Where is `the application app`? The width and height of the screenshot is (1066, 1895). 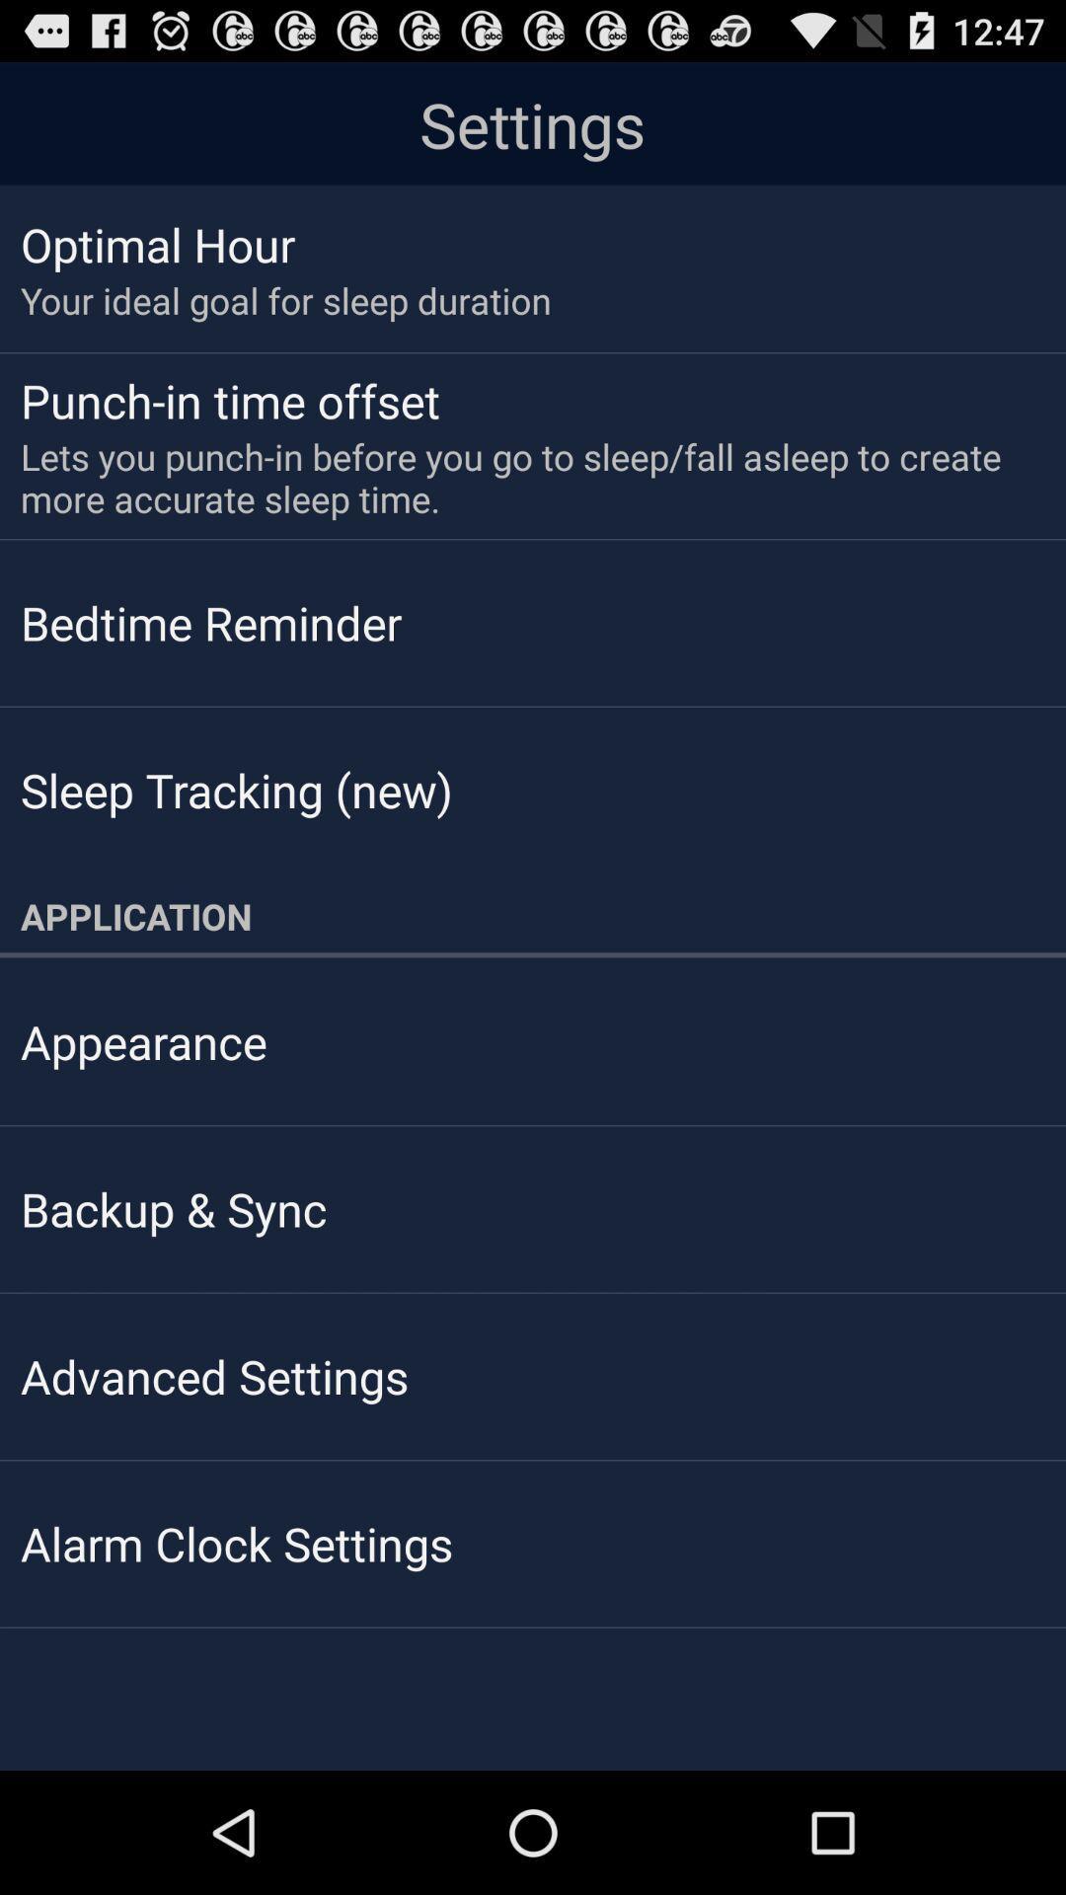
the application app is located at coordinates (533, 915).